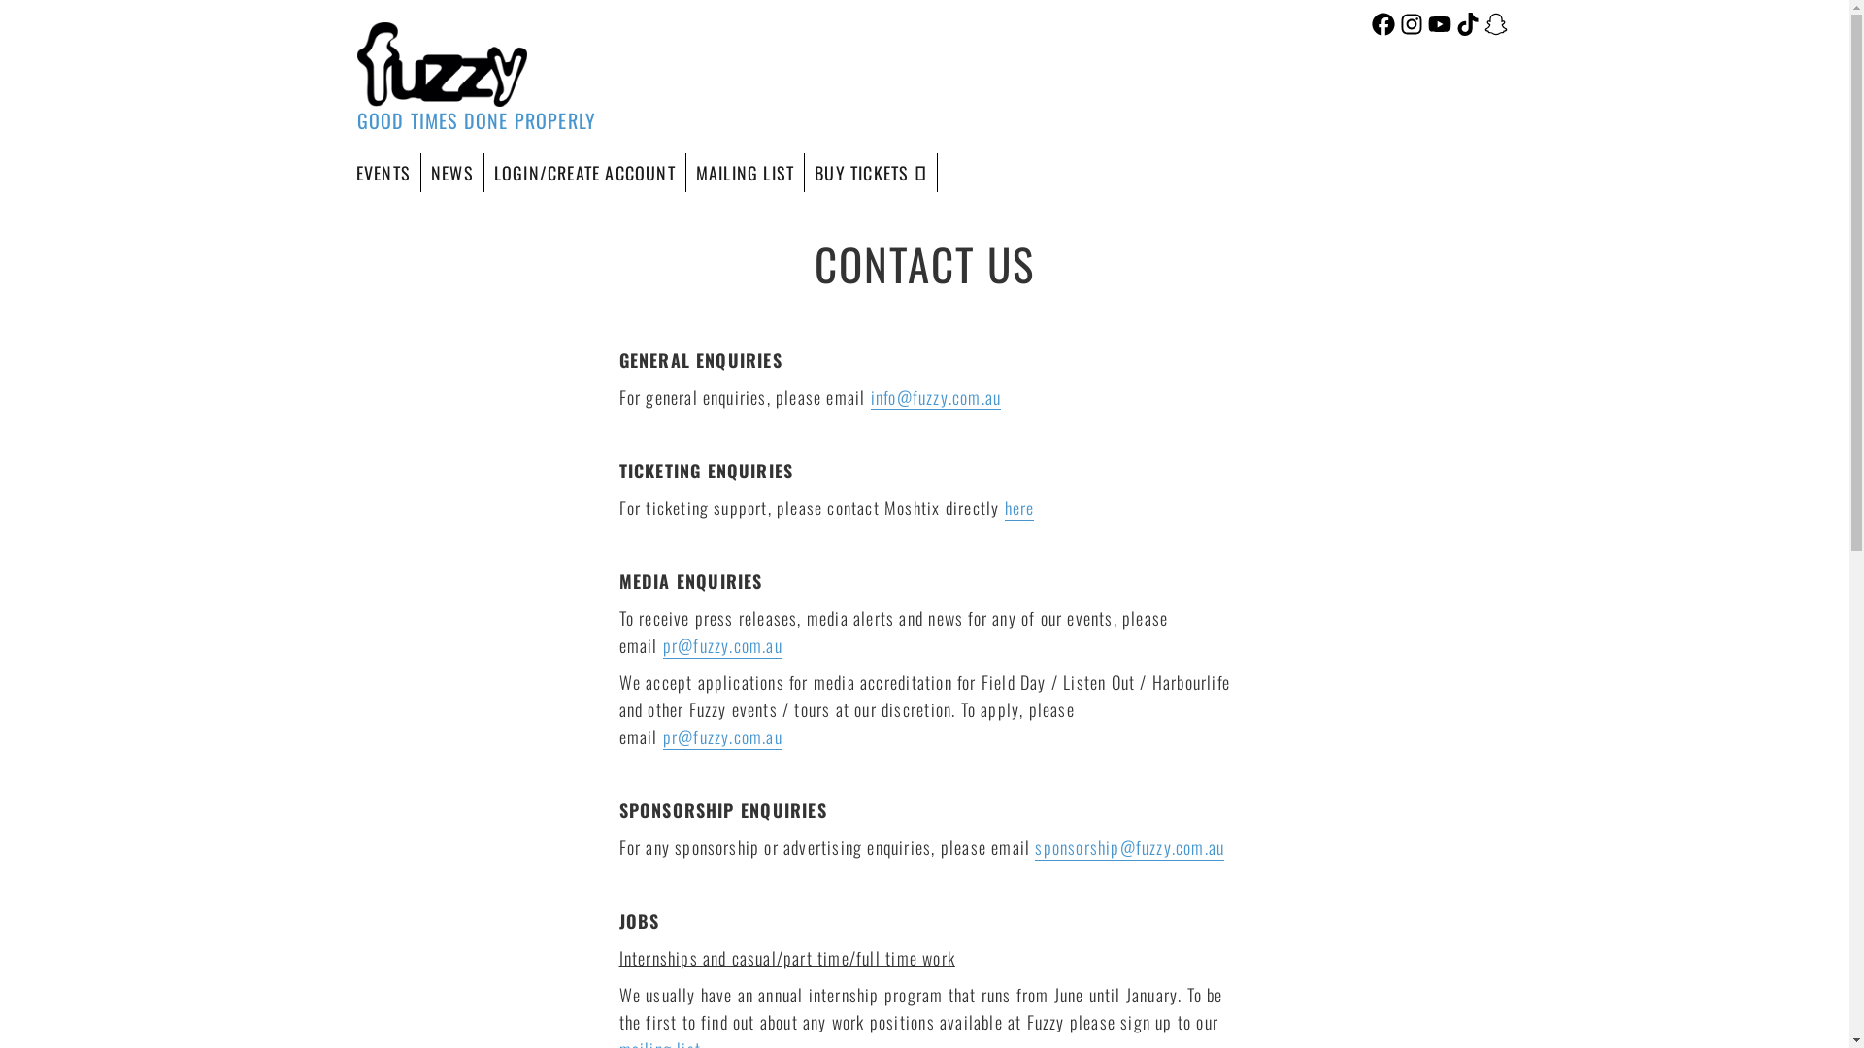  What do you see at coordinates (584, 171) in the screenshot?
I see `'LOGIN/CREATE ACCOUNT'` at bounding box center [584, 171].